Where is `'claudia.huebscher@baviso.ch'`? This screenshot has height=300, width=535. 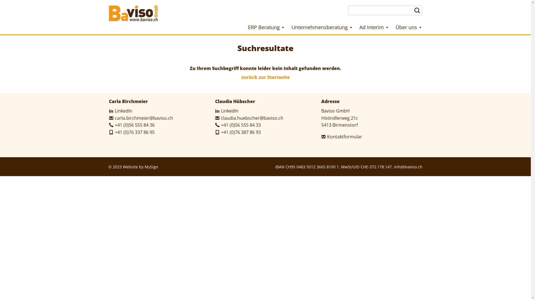
'claudia.huebscher@baviso.ch' is located at coordinates (249, 117).